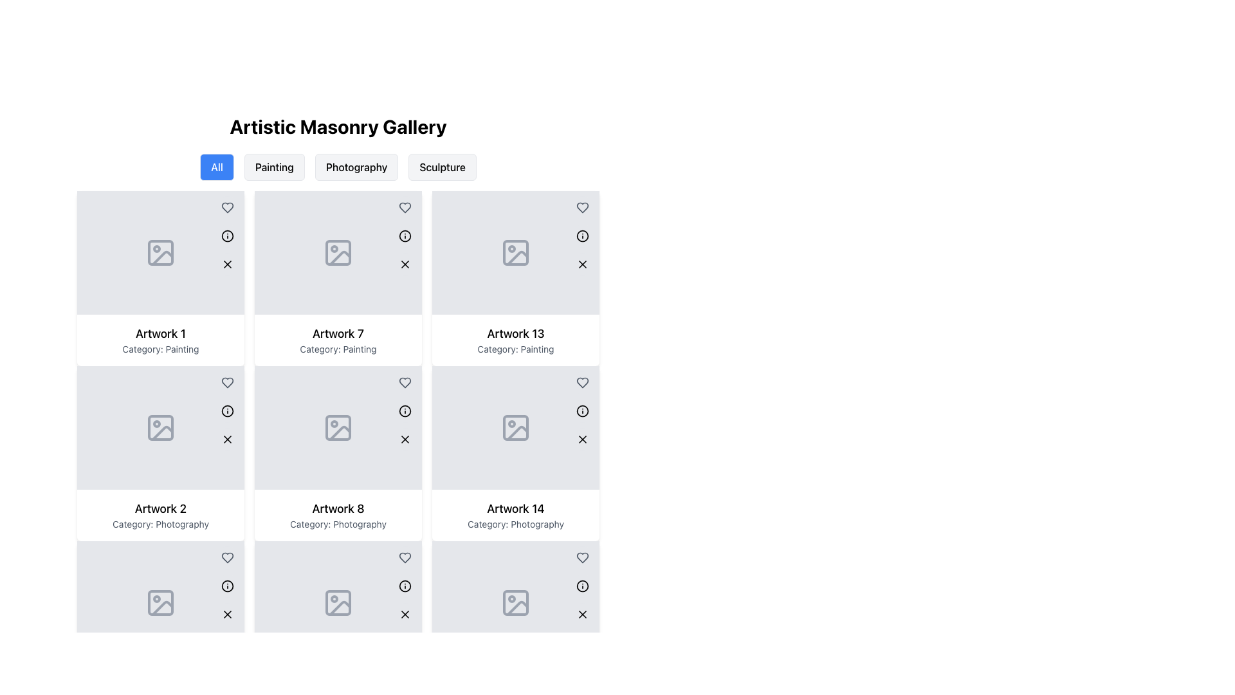 Image resolution: width=1235 pixels, height=695 pixels. Describe the element at coordinates (404, 264) in the screenshot. I see `the circular button with a gray background and a black '×' icon located in the top-right section of the 'Artwork 7' card, which is the third button in a vertical stack of buttons` at that location.